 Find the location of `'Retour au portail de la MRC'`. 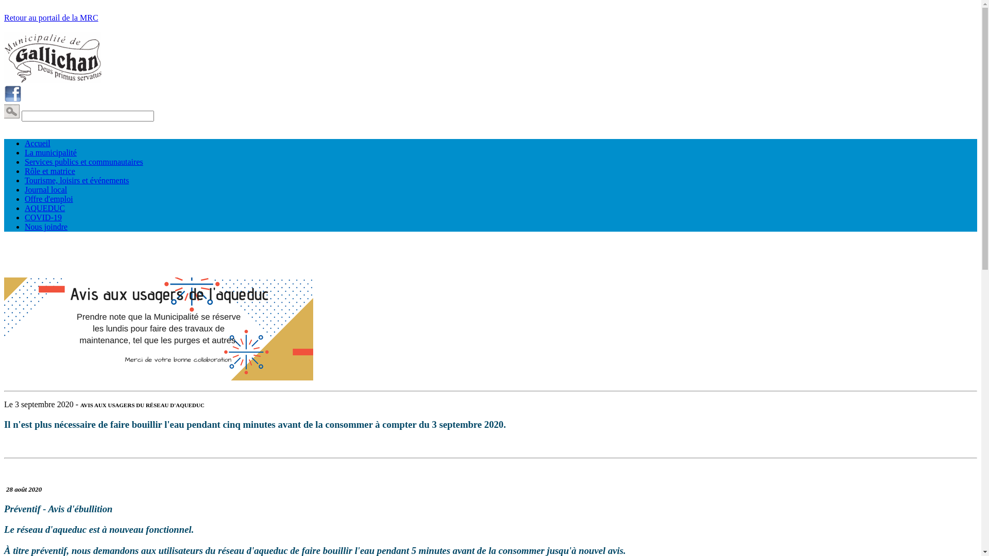

'Retour au portail de la MRC' is located at coordinates (50, 18).